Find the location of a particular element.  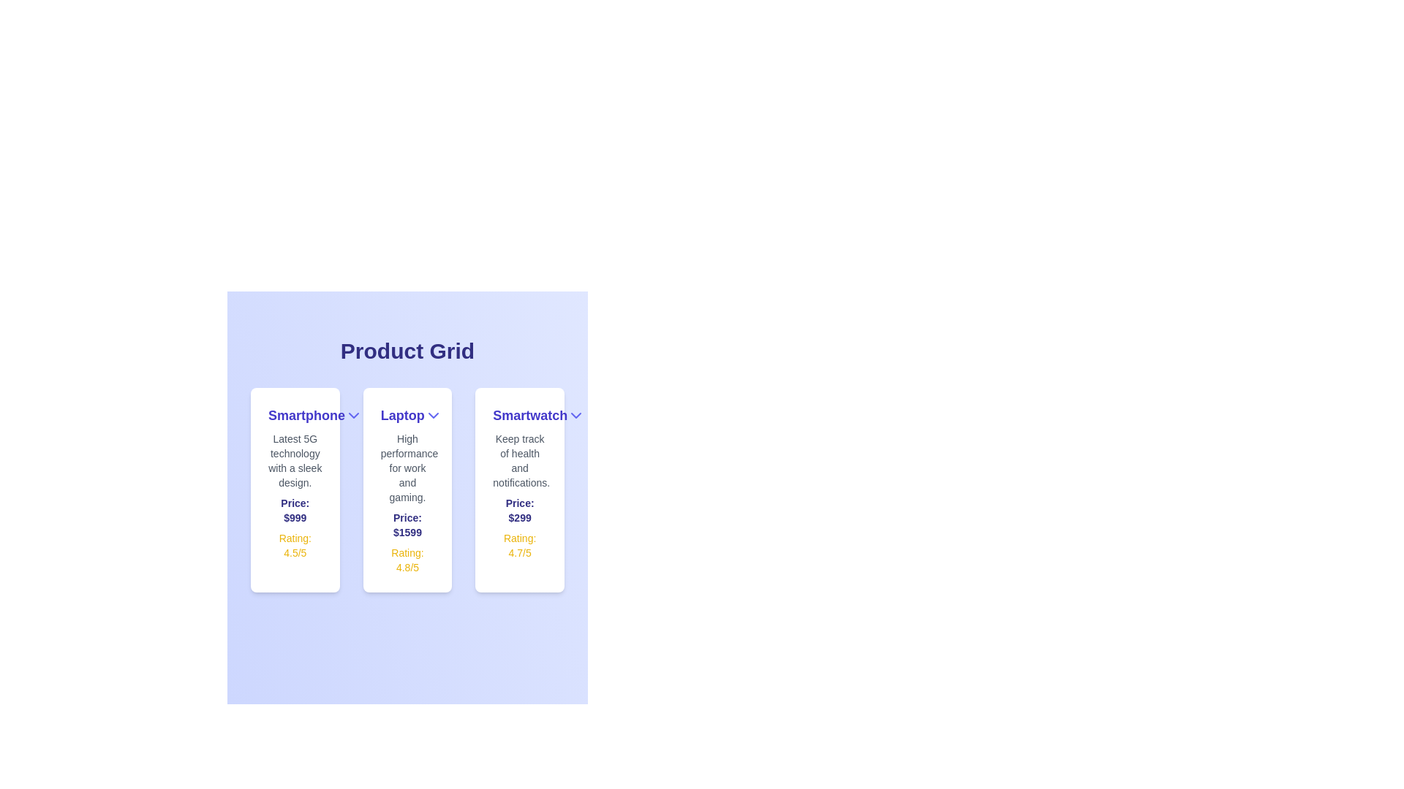

the Text header that serves as a title for the product section, indicating the section's purpose above the product cards is located at coordinates (407, 351).